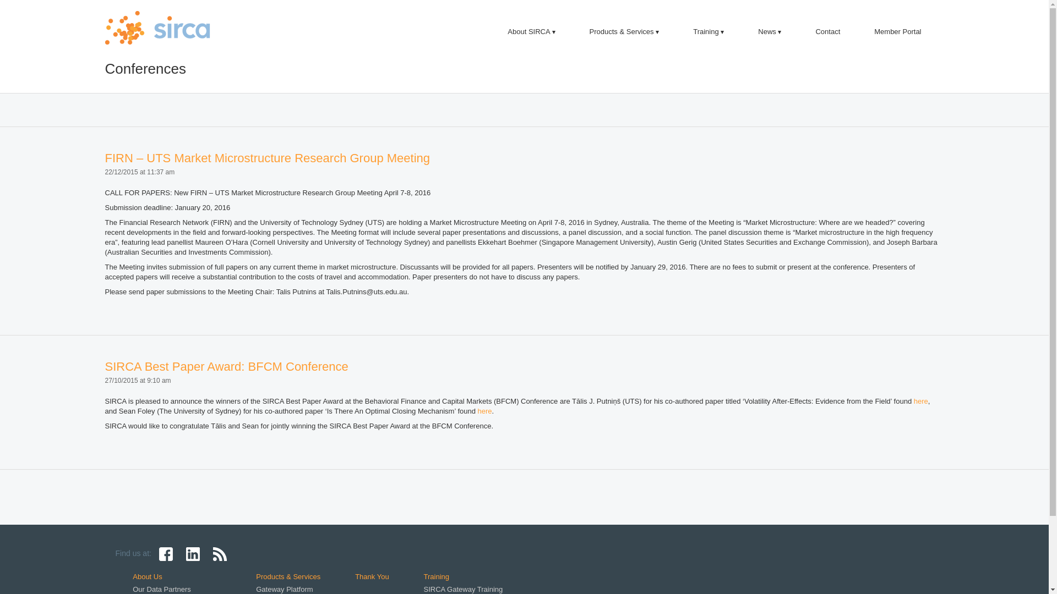 This screenshot has width=1057, height=594. I want to click on 'SIRCA', so click(105, 27).